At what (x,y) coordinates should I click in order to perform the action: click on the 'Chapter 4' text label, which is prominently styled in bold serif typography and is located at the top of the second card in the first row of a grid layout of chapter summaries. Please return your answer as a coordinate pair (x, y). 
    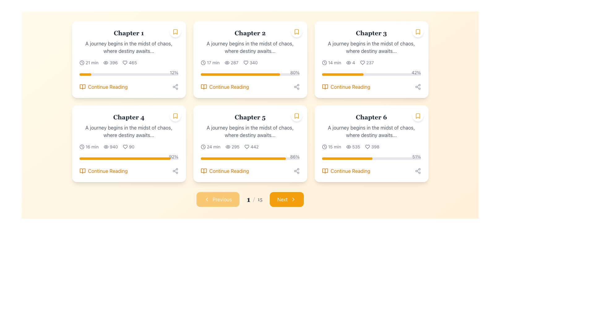
    Looking at the image, I should click on (128, 117).